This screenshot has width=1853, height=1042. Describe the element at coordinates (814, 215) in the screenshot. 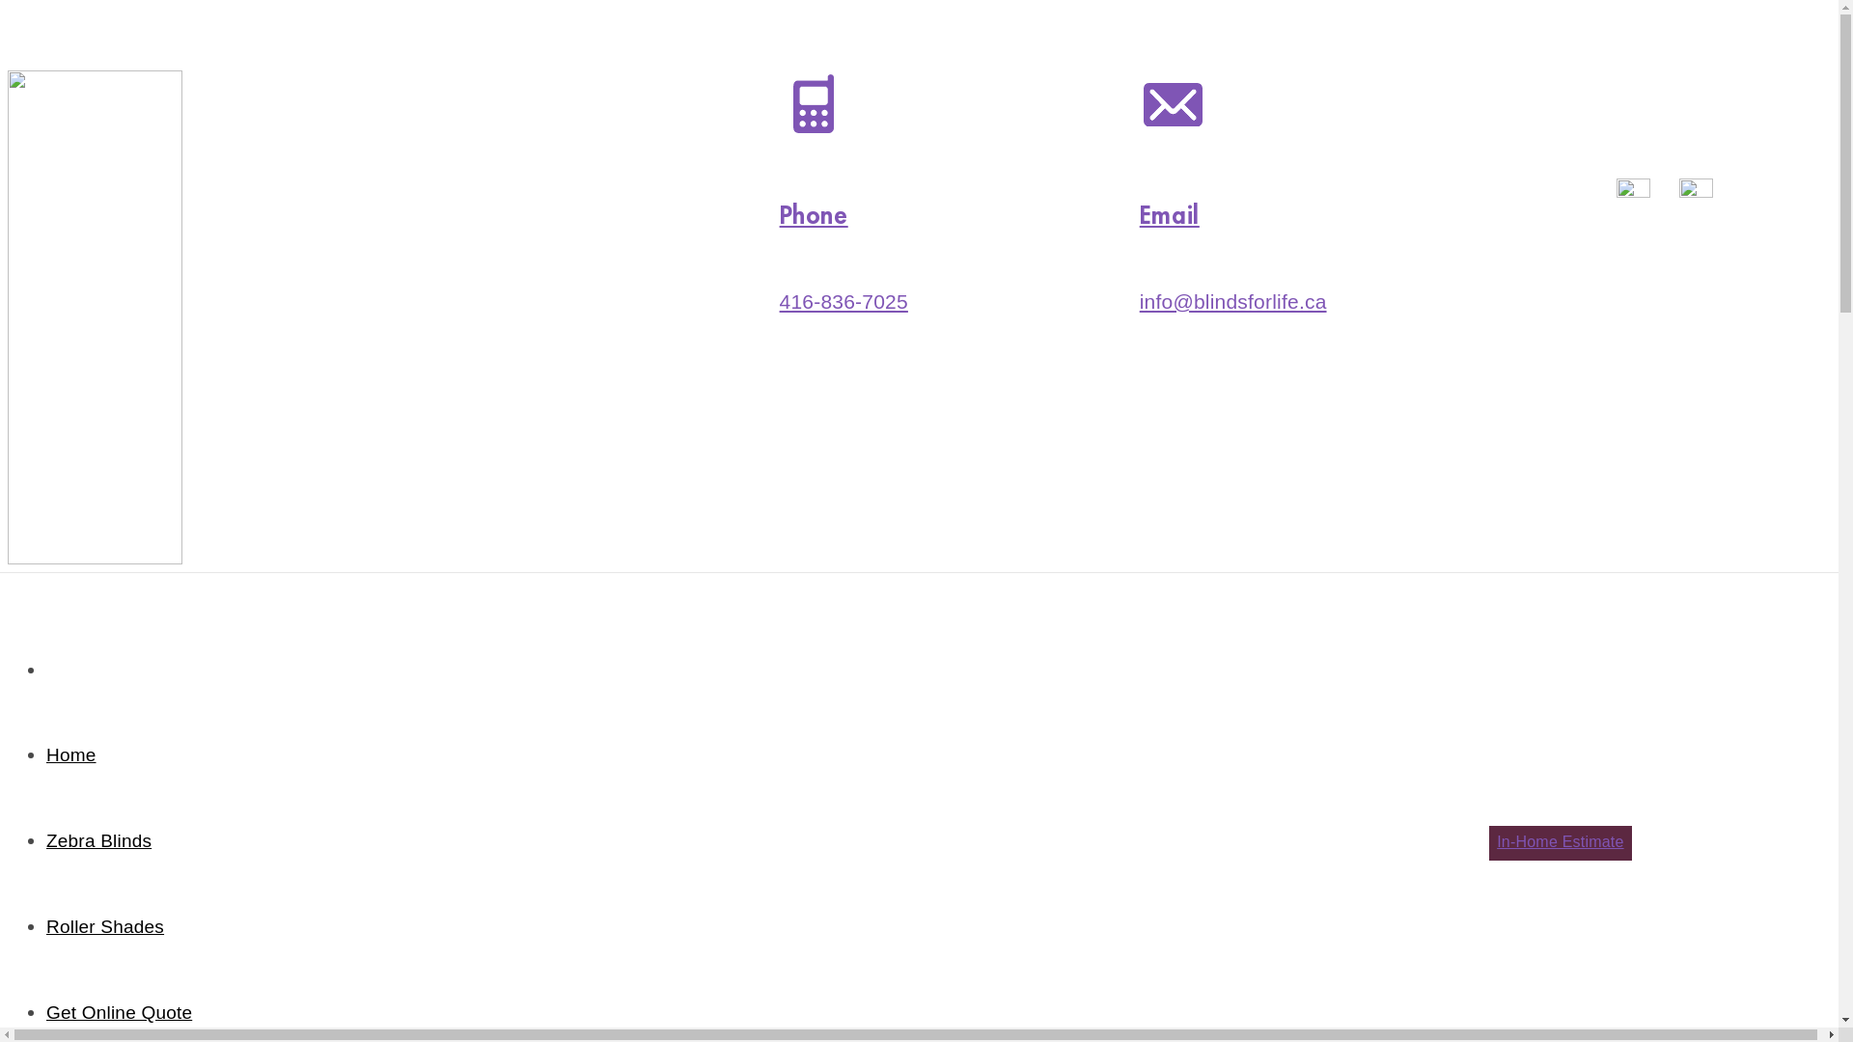

I see `'Phone'` at that location.